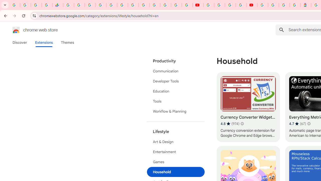  I want to click on 'Extensions', so click(44, 42).